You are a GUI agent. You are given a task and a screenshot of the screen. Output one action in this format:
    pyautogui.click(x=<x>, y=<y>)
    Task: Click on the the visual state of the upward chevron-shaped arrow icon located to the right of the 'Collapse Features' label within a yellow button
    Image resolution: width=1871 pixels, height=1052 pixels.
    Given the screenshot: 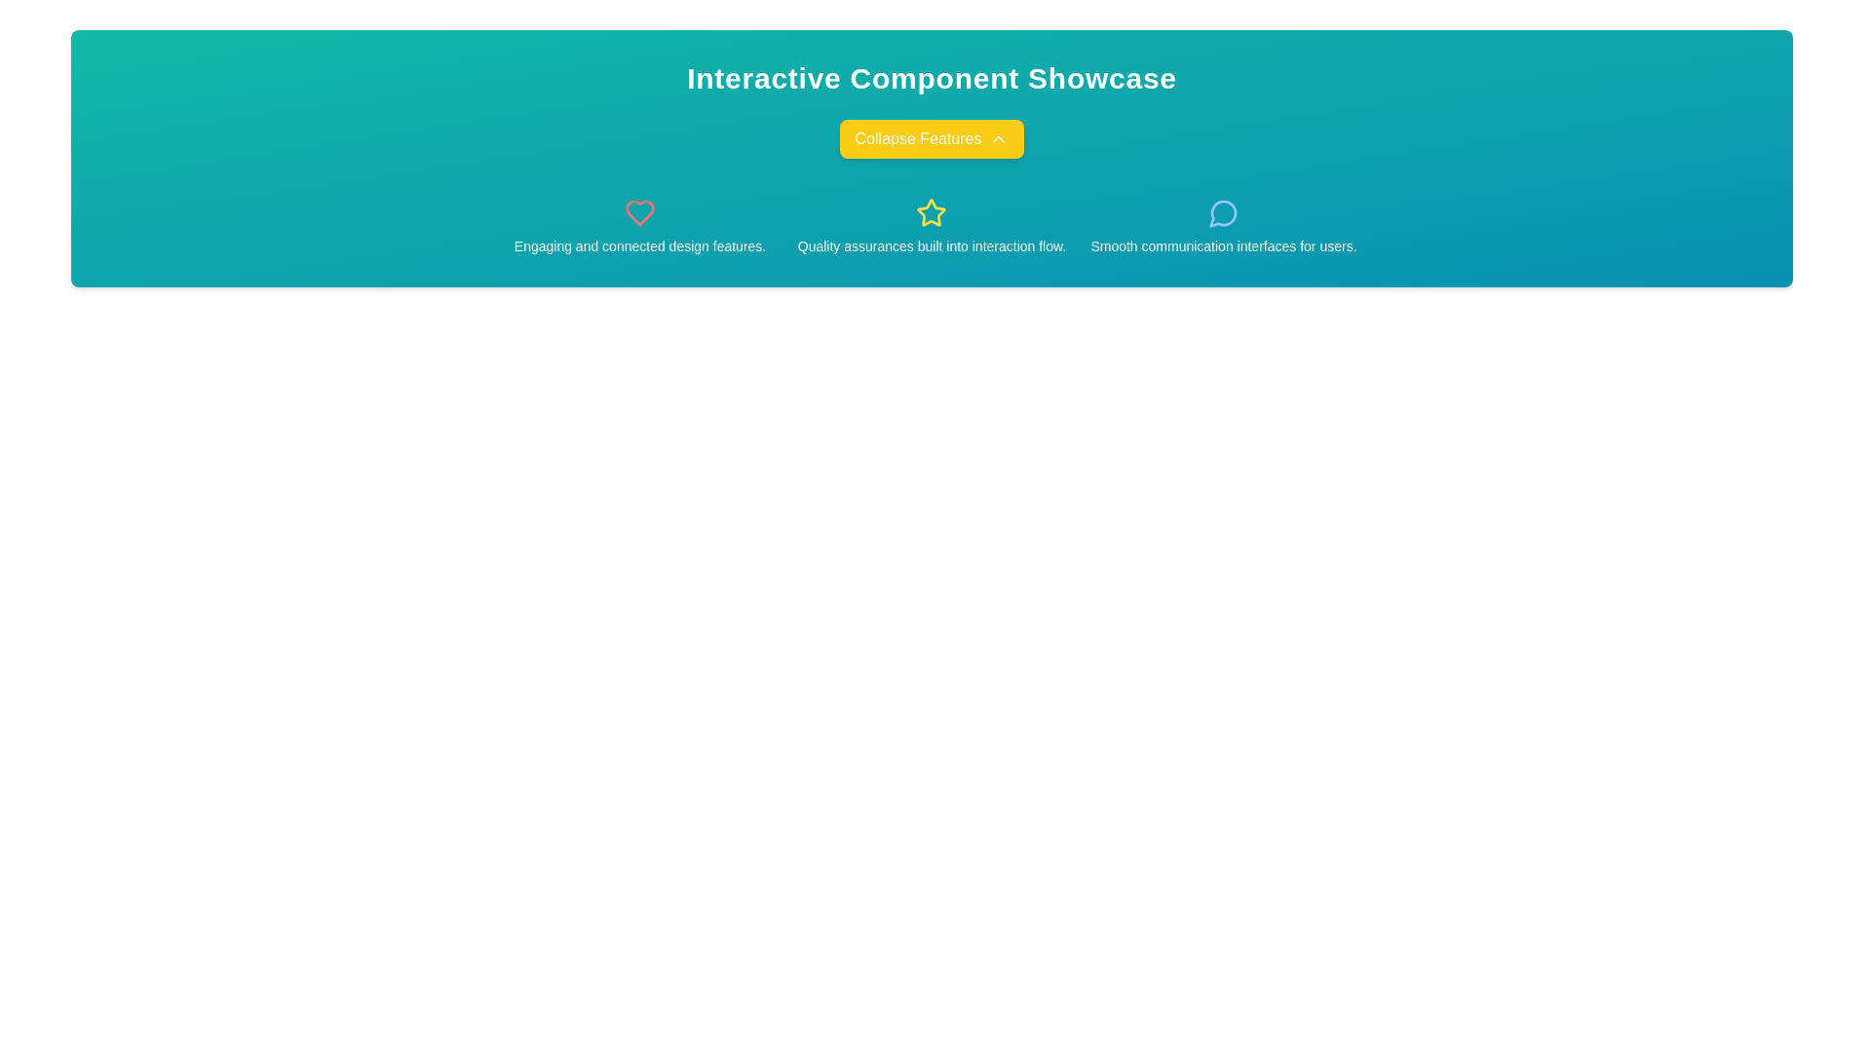 What is the action you would take?
    pyautogui.click(x=999, y=137)
    